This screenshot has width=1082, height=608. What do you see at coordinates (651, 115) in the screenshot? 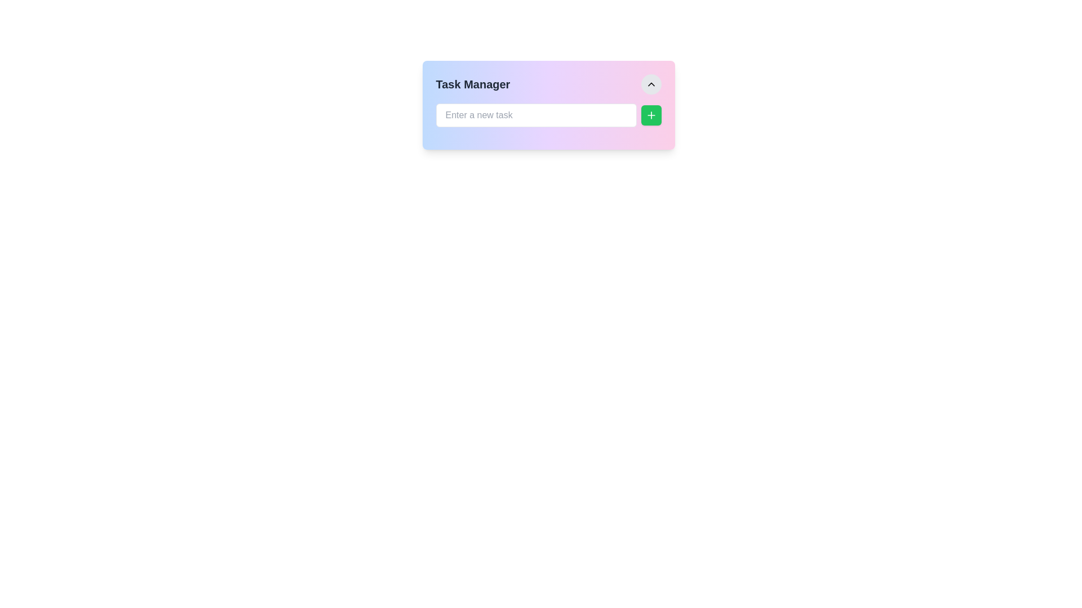
I see `the interactive button located at the right end of the horizontal layout, immediately following the text input field` at bounding box center [651, 115].